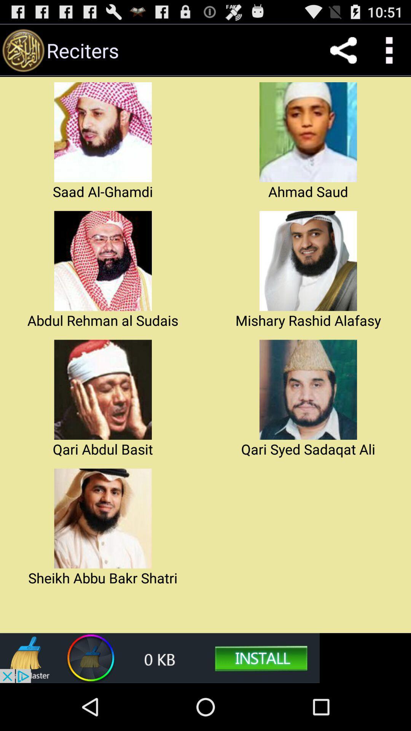 This screenshot has height=731, width=411. Describe the element at coordinates (159, 658) in the screenshot. I see `clean option` at that location.